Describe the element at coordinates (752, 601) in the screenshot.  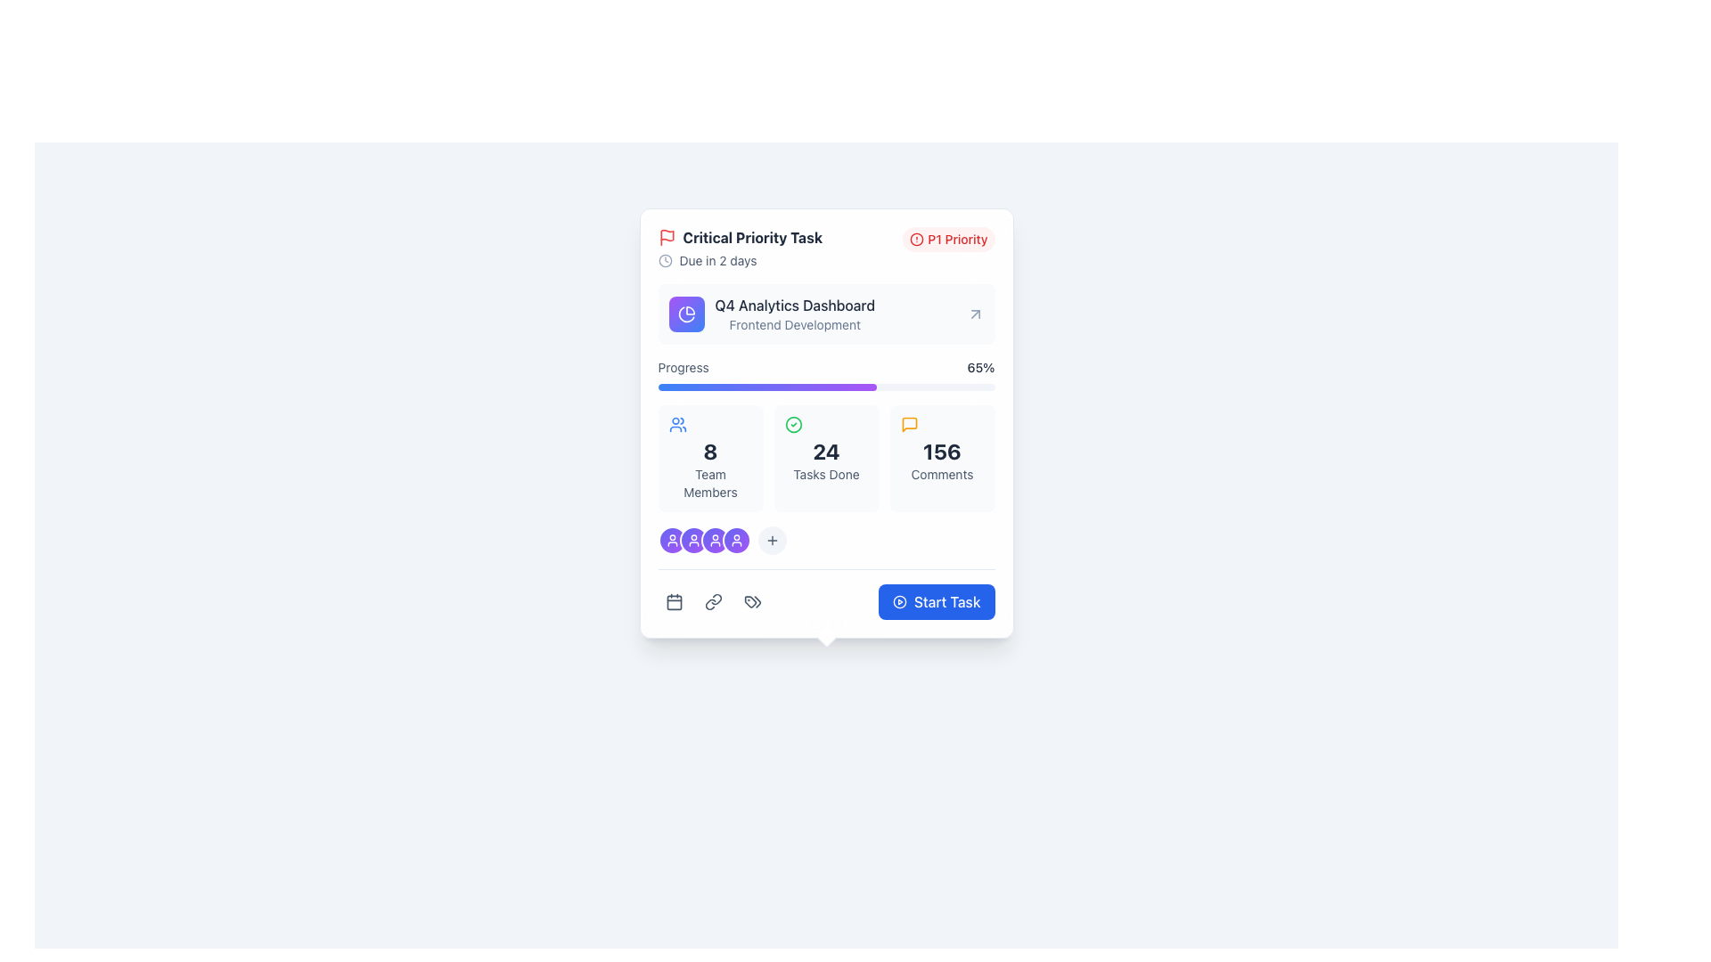
I see `the tagging icon button located in the middle of the toolbar at the bottom of the task card` at that location.